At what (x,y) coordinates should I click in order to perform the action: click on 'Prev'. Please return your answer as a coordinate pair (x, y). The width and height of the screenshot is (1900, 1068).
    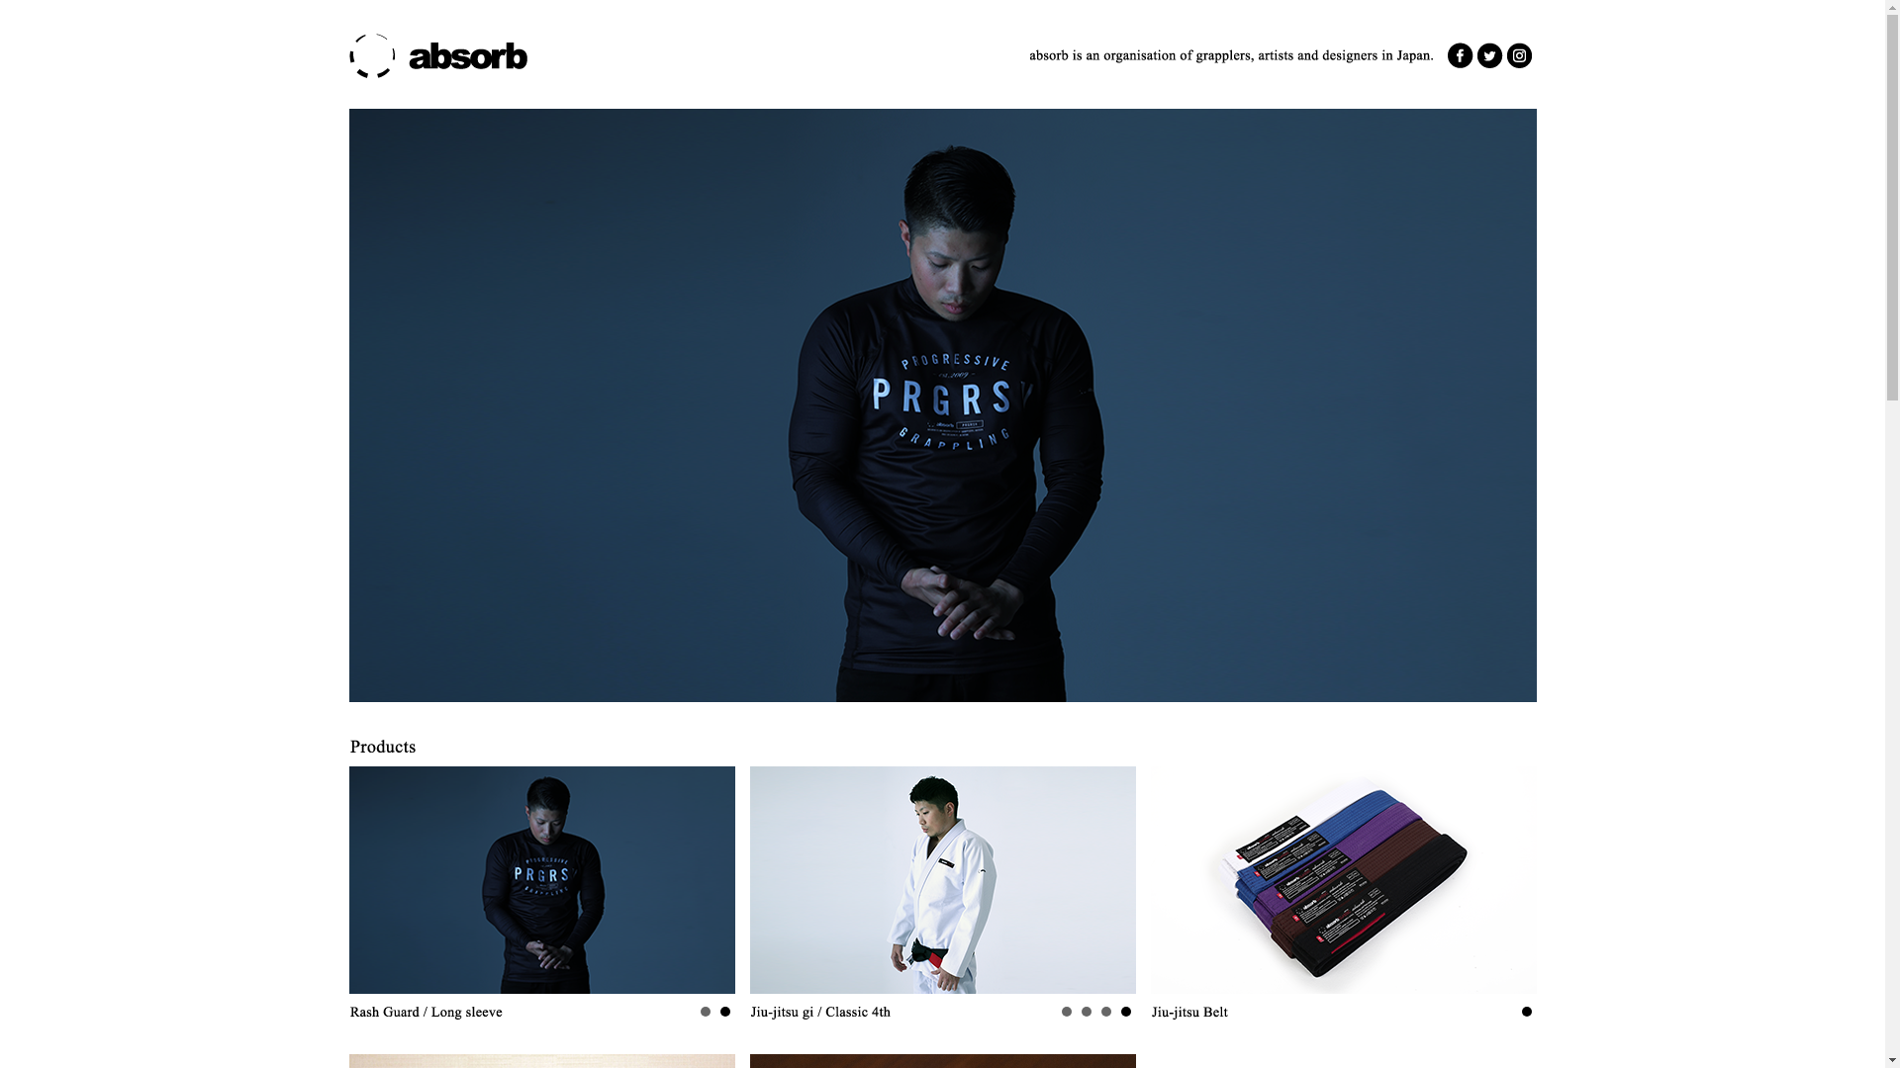
    Looking at the image, I should click on (774, 879).